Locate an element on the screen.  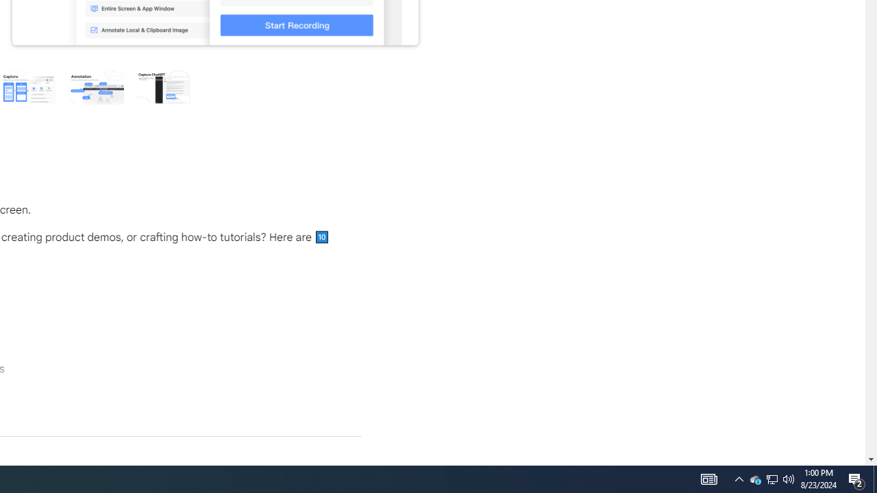
'Q2790: 100%' is located at coordinates (789, 478).